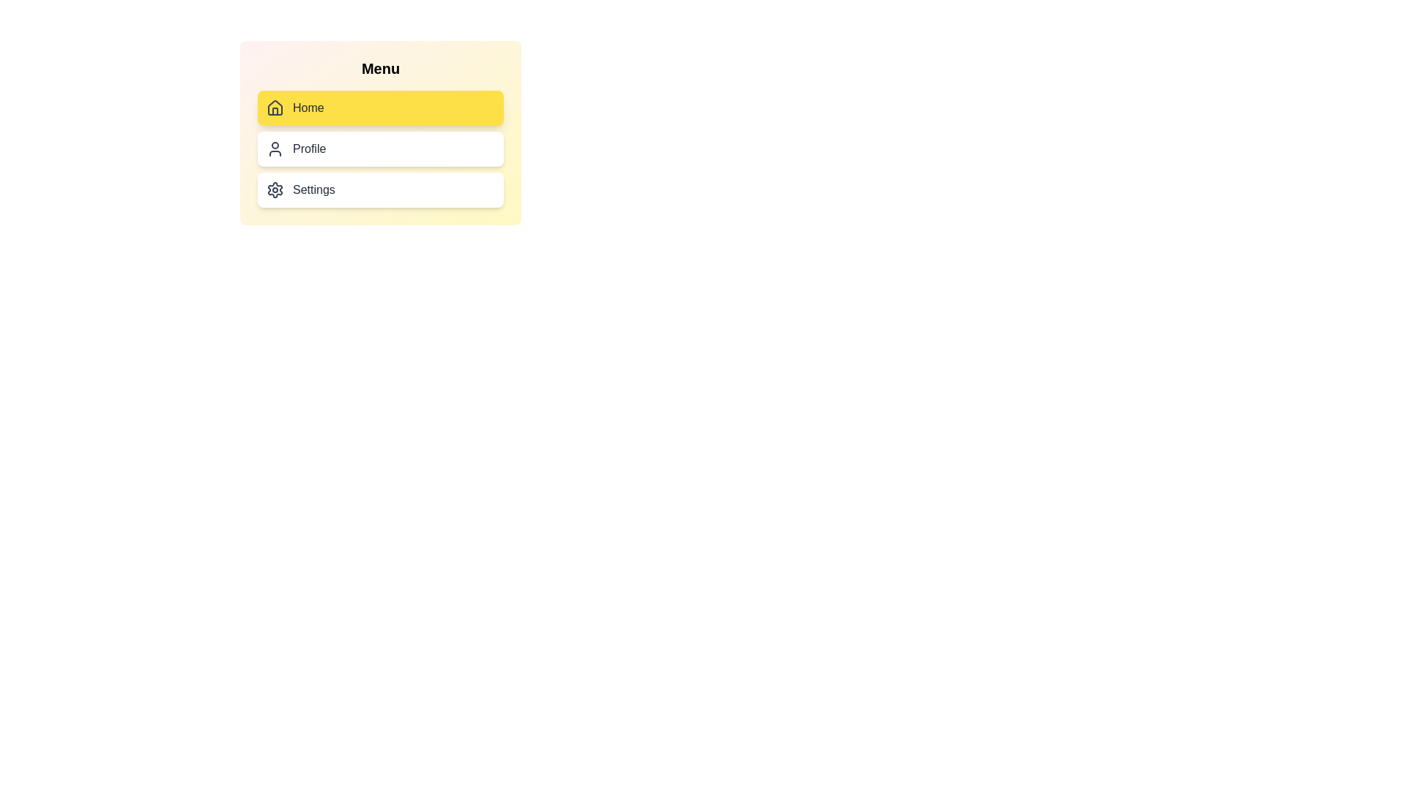 The height and width of the screenshot is (790, 1406). Describe the element at coordinates (380, 189) in the screenshot. I see `the navigation menu item Settings by clicking on it` at that location.